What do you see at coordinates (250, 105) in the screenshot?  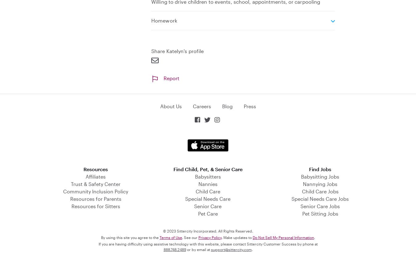 I see `'Press'` at bounding box center [250, 105].